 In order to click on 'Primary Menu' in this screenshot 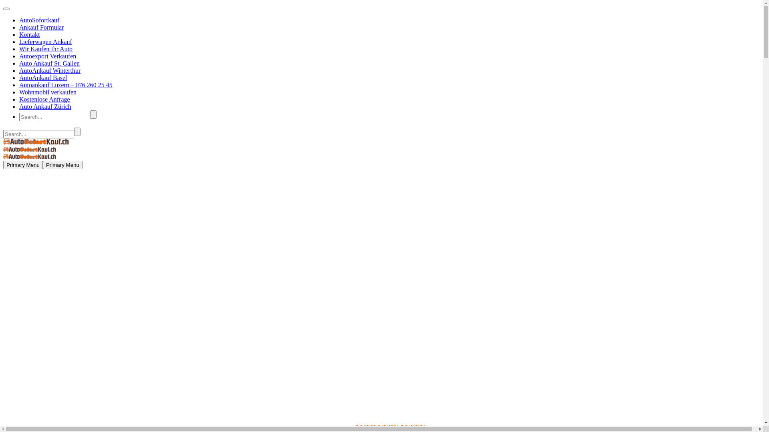, I will do `click(42, 164)`.